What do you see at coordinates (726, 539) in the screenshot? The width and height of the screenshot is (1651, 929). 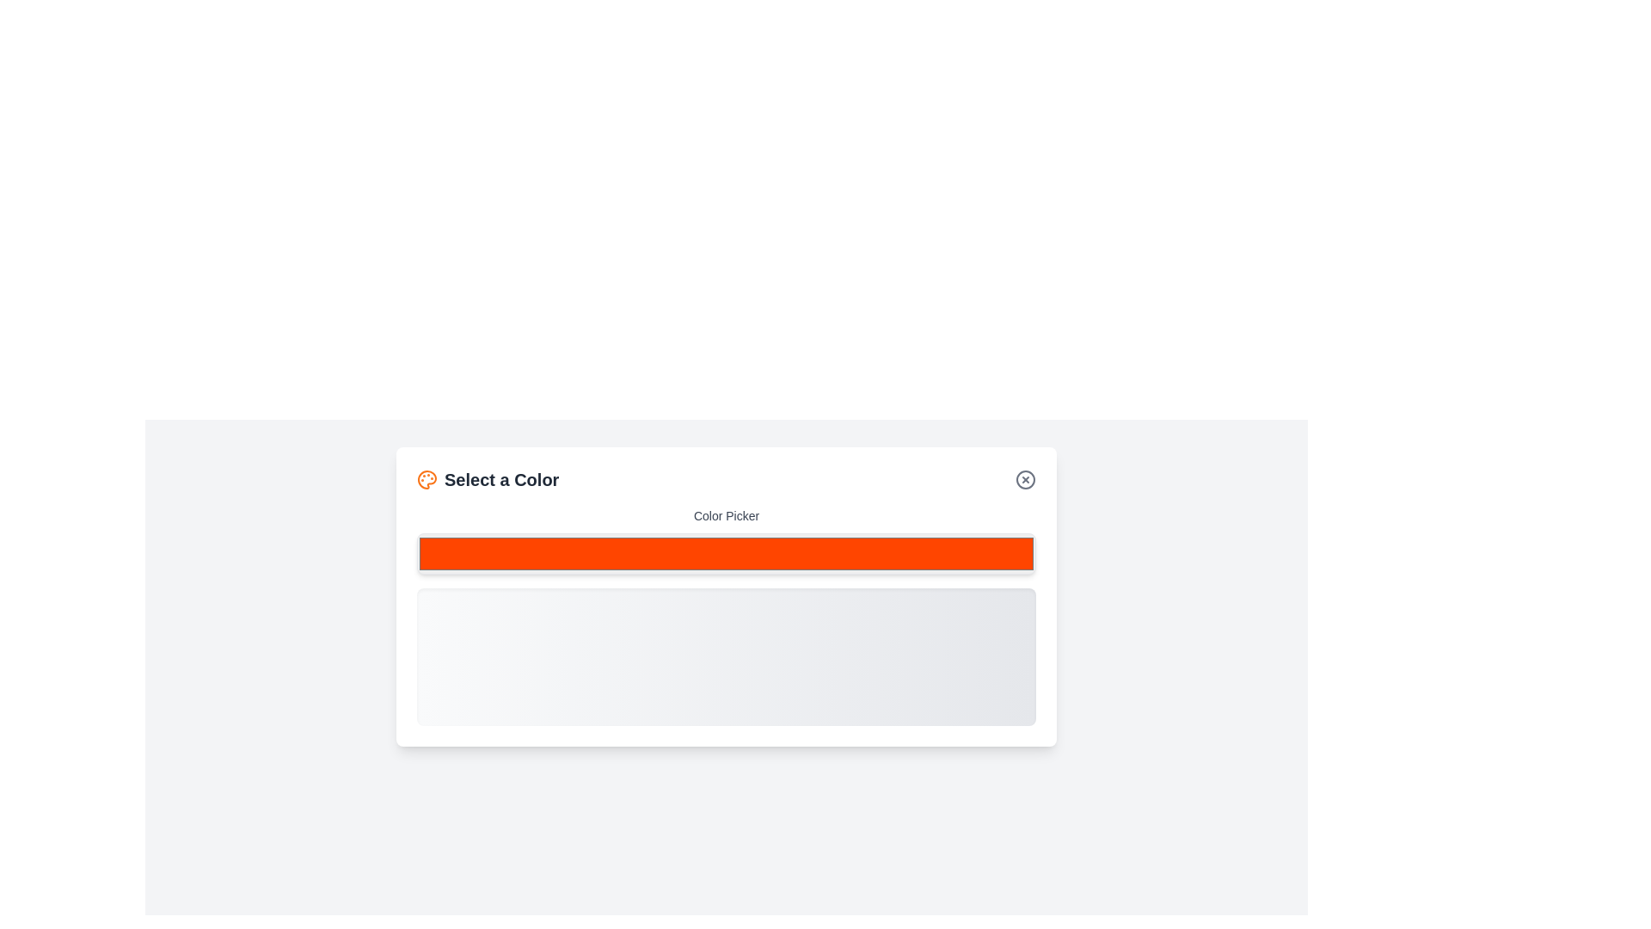 I see `the Interactive color input or picker component with a bright red background and the label 'Color Picker' to interact with the color selection feature` at bounding box center [726, 539].